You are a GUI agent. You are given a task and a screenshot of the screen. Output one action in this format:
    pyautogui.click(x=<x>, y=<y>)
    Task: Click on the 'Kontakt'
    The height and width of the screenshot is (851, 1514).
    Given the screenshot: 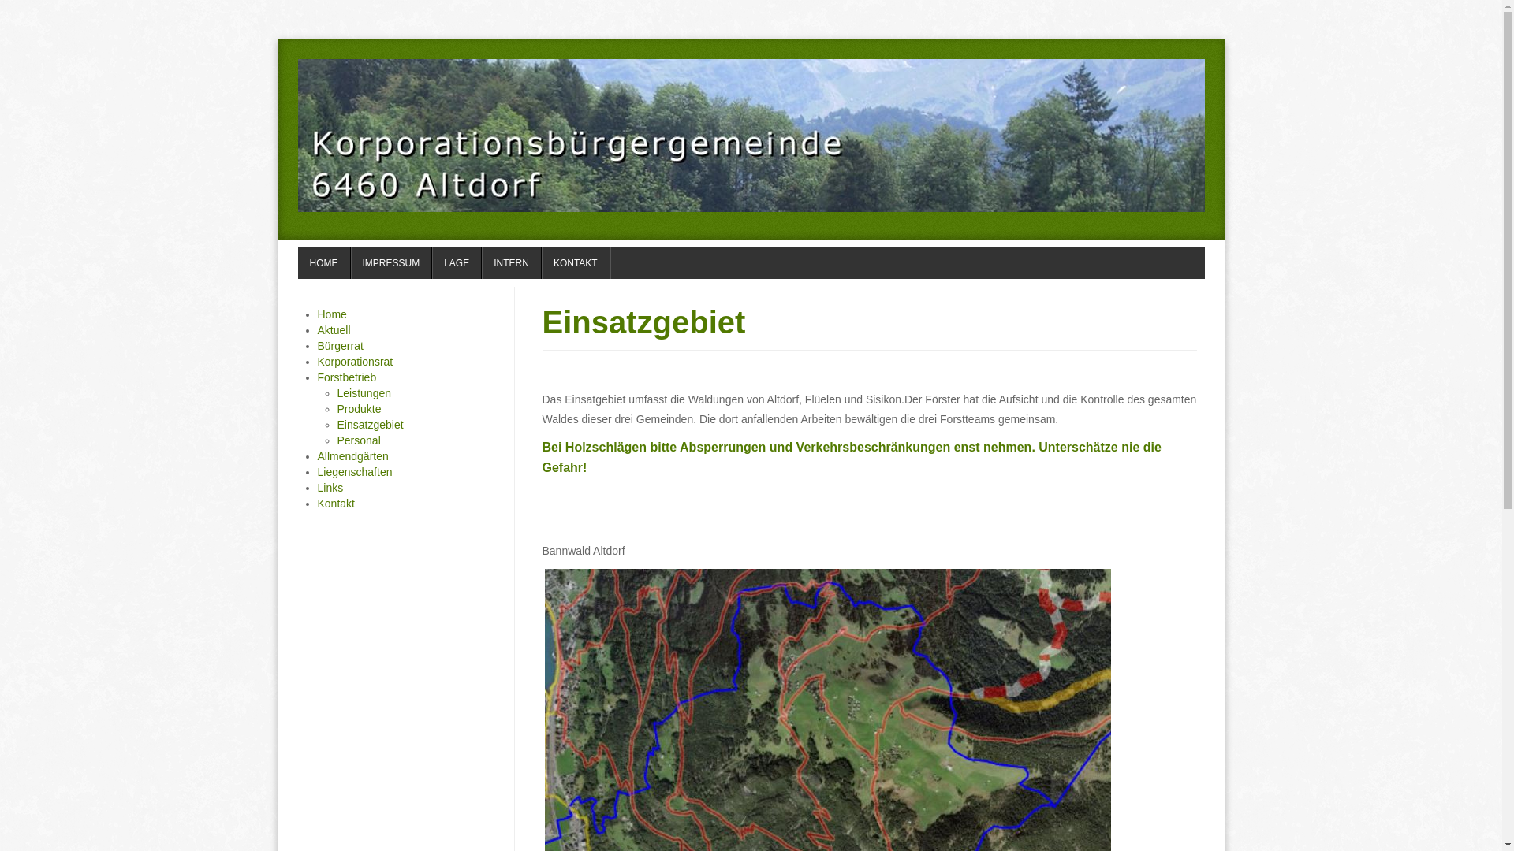 What is the action you would take?
    pyautogui.click(x=334, y=504)
    